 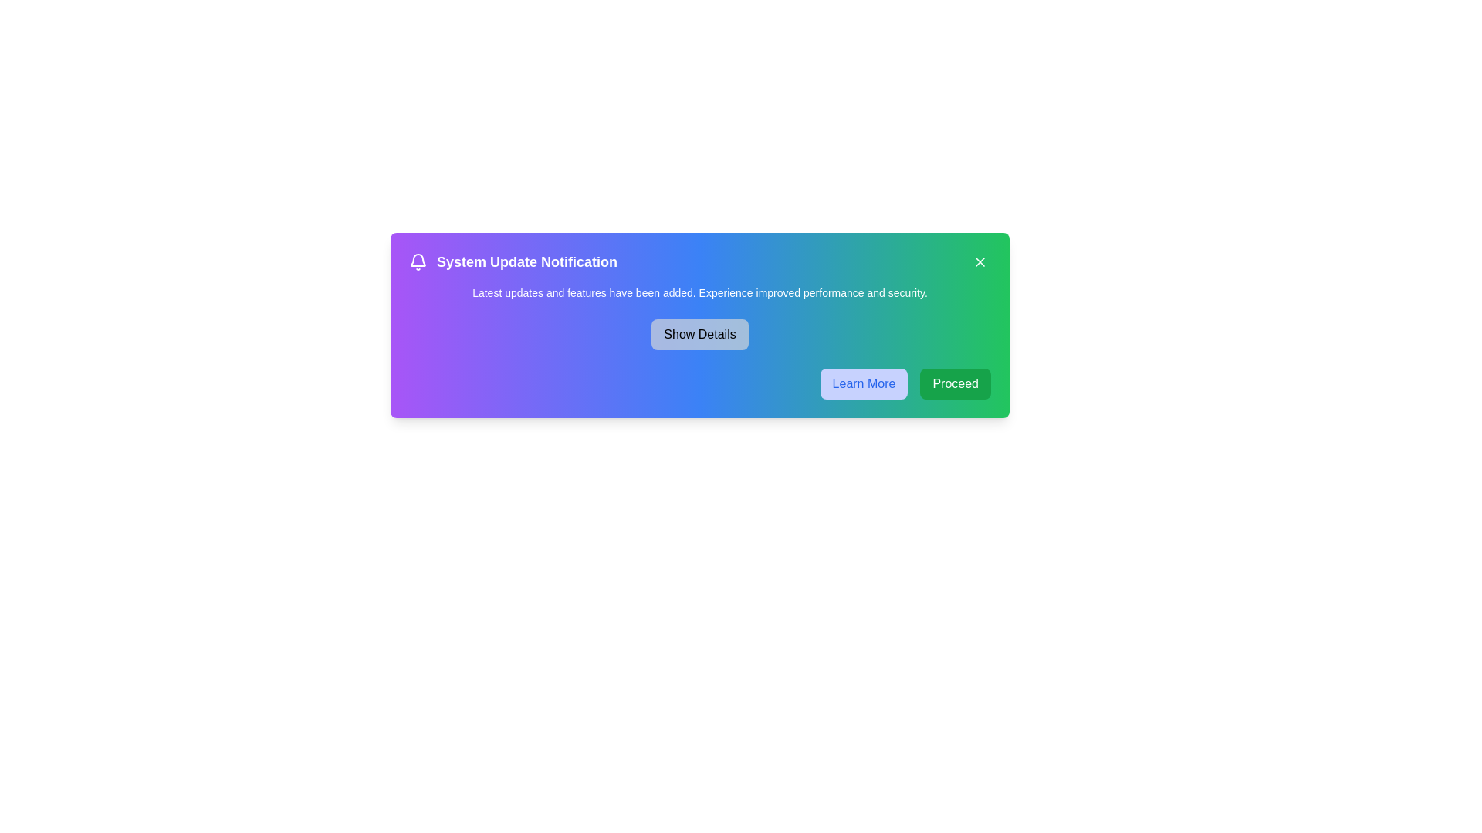 What do you see at coordinates (699, 324) in the screenshot?
I see `displayed message in the Notification dialog box, which contains the title 'System Update Notification' and additional description text` at bounding box center [699, 324].